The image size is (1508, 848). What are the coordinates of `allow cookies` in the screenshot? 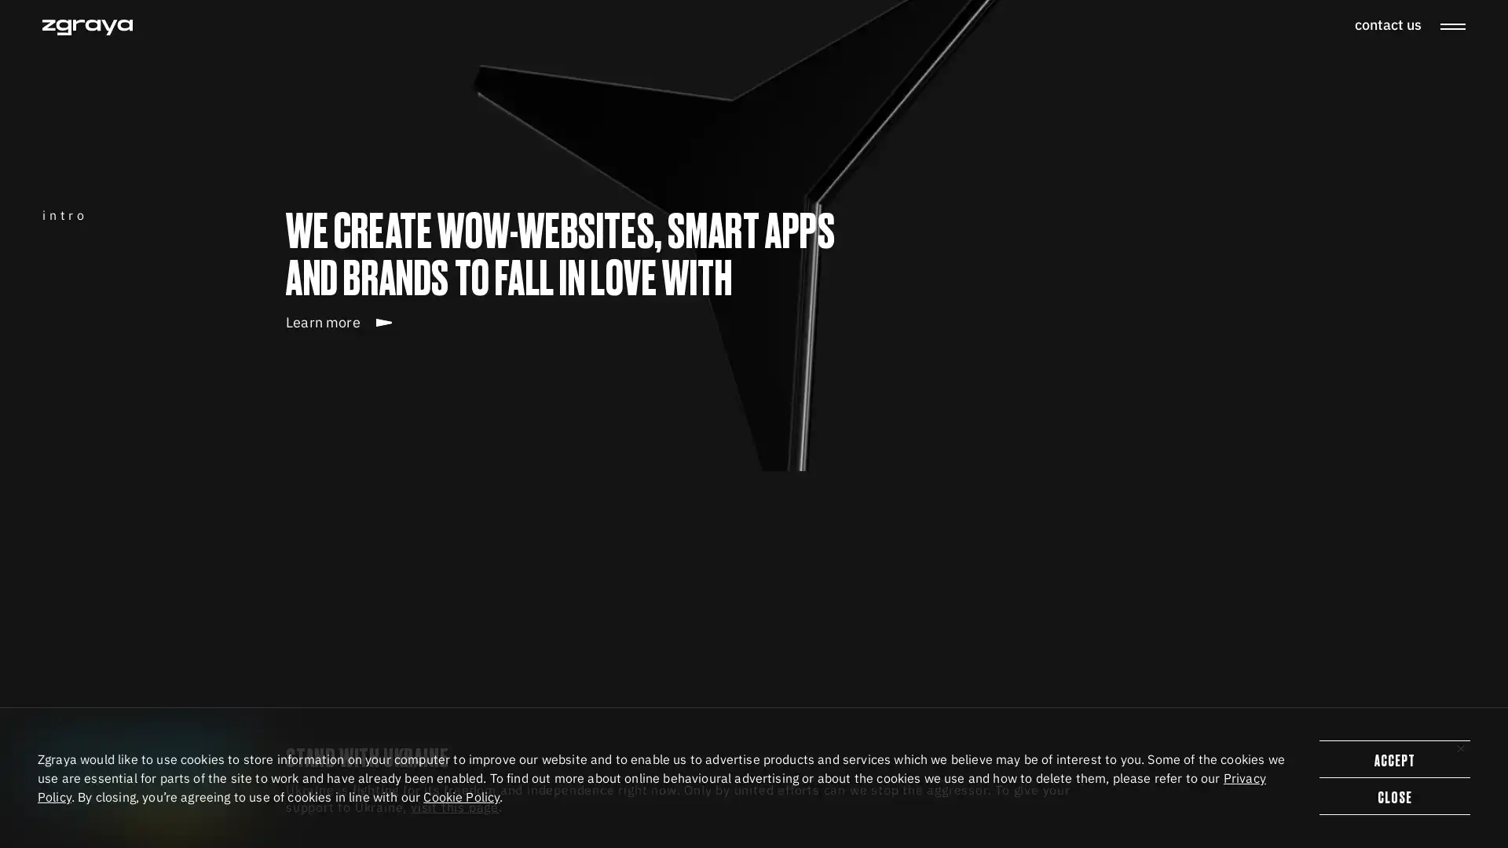 It's located at (1395, 758).